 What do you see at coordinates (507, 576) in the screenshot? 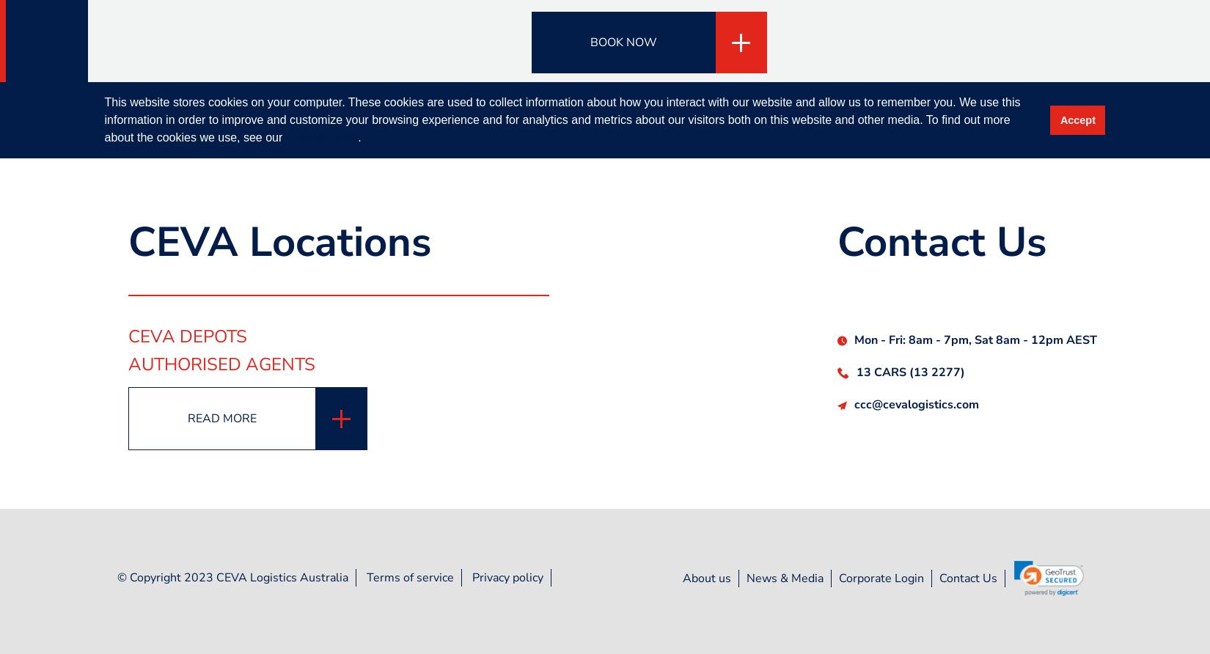
I see `'Privacy policy'` at bounding box center [507, 576].